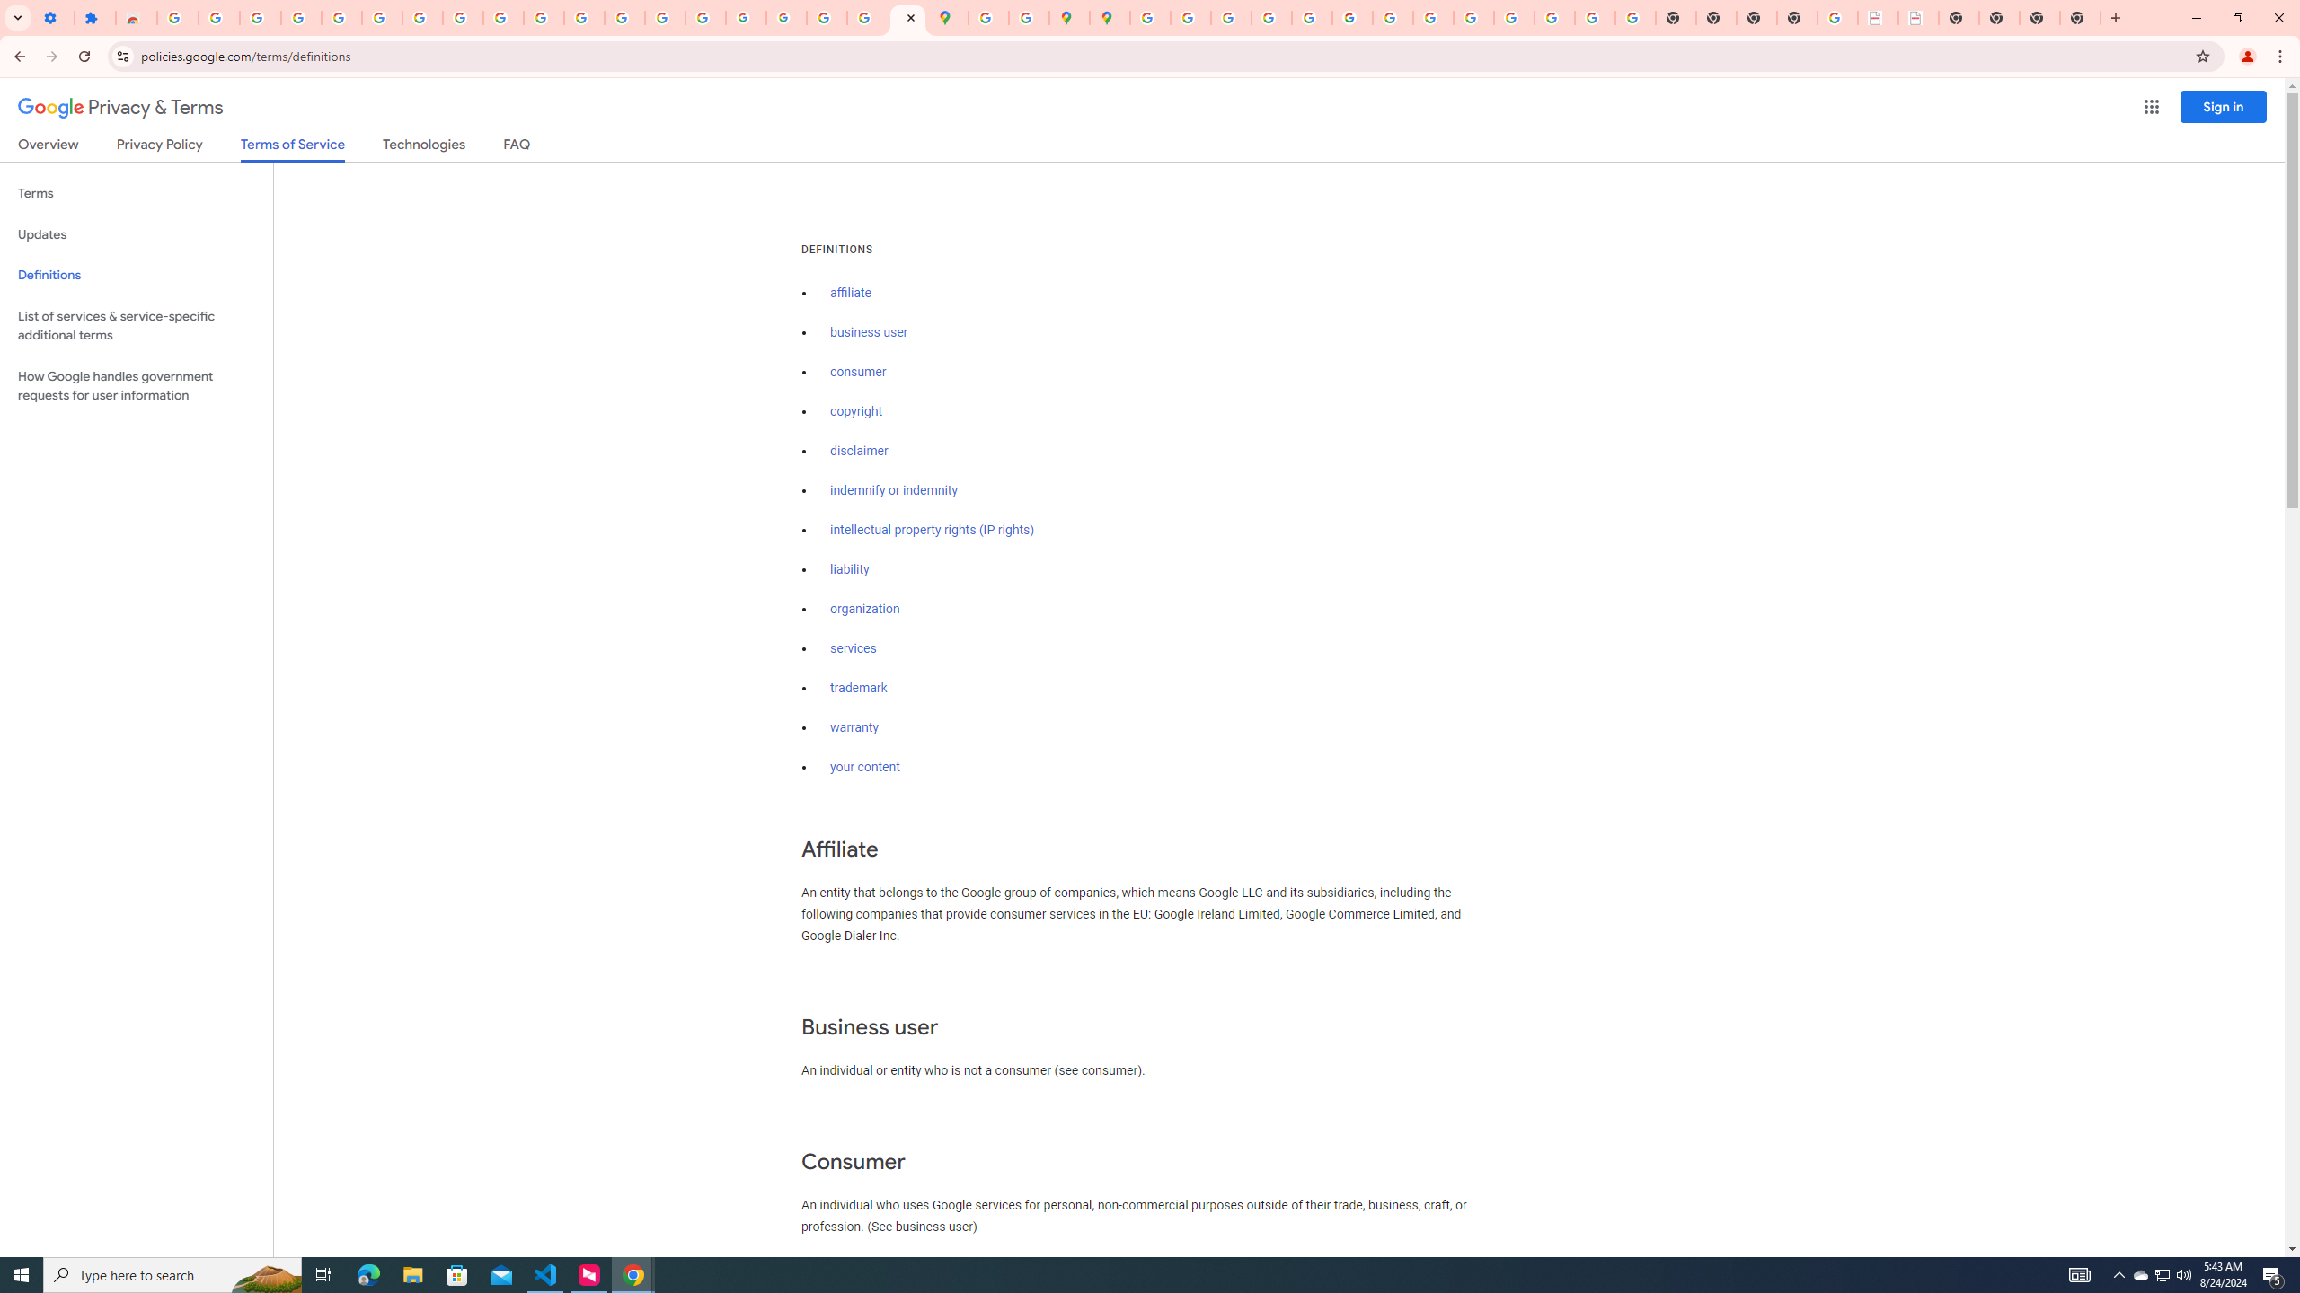  Describe the element at coordinates (858, 371) in the screenshot. I see `'consumer'` at that location.